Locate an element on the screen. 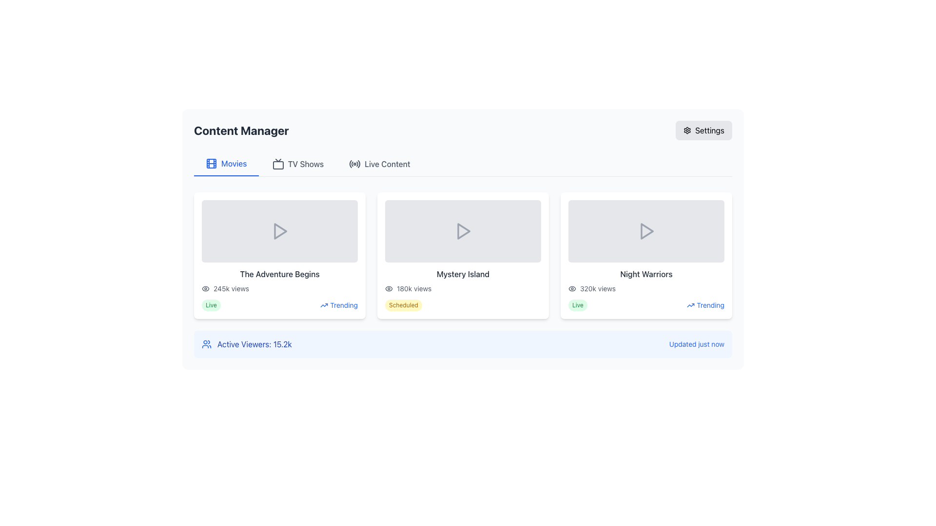  the interactive card or content tile located centrally in the grid, which represents a piece of content with details such as title and view count is located at coordinates (463, 255).